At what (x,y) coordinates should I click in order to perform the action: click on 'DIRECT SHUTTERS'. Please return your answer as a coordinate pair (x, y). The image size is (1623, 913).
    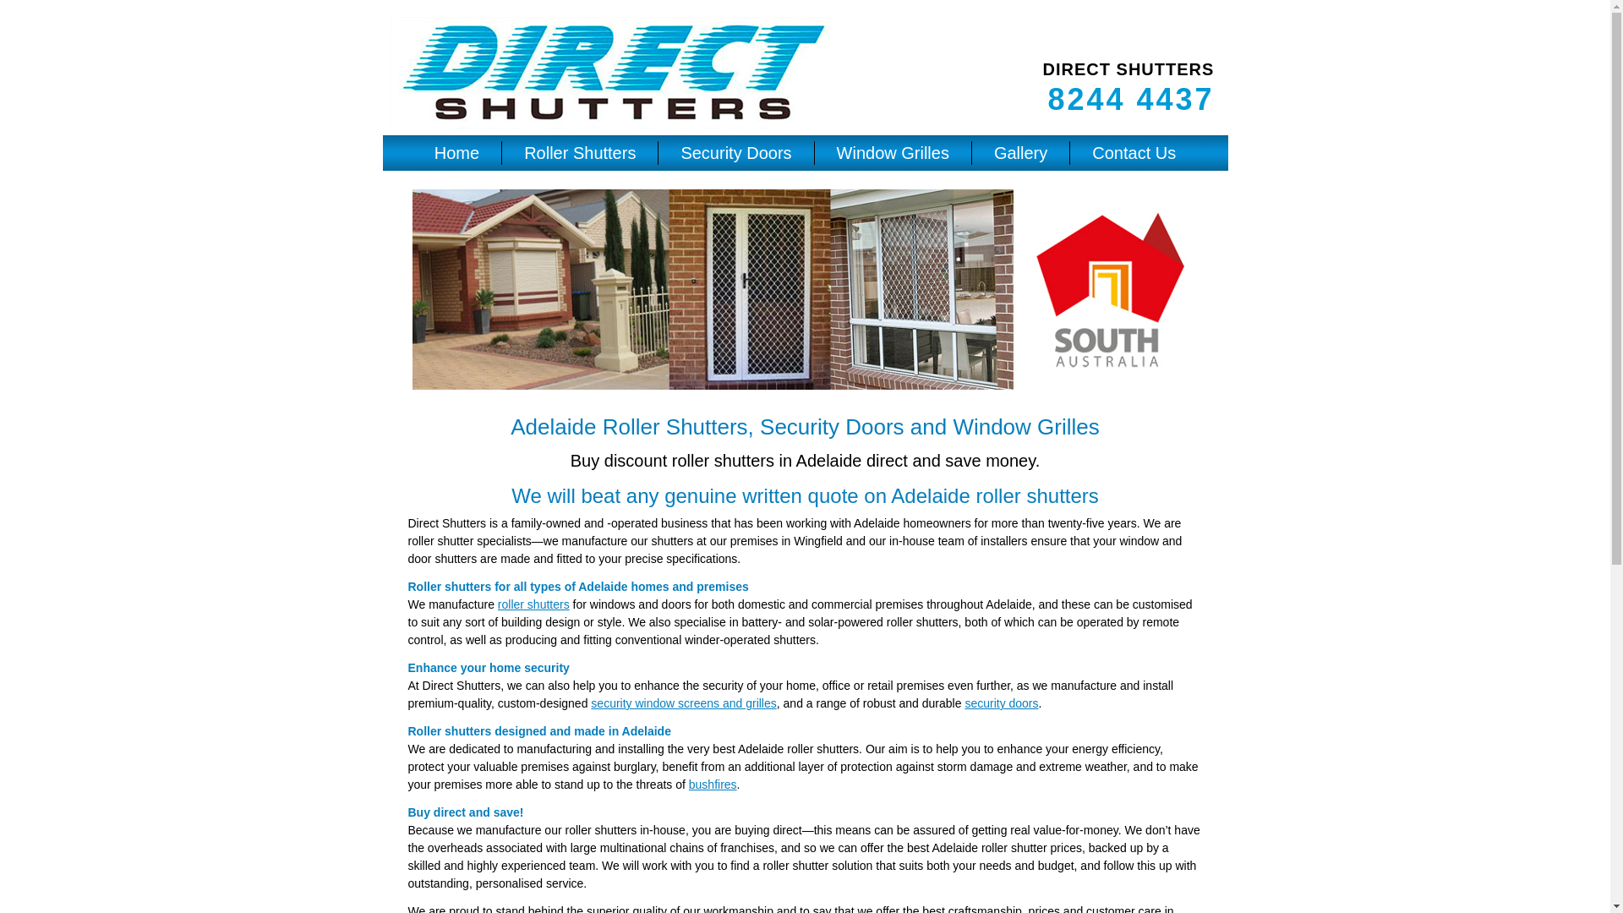
    Looking at the image, I should click on (1128, 68).